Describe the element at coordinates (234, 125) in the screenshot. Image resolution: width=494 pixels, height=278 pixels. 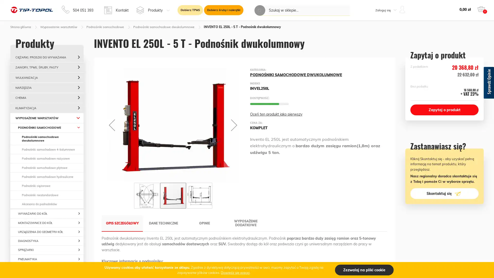
I see `Next` at that location.